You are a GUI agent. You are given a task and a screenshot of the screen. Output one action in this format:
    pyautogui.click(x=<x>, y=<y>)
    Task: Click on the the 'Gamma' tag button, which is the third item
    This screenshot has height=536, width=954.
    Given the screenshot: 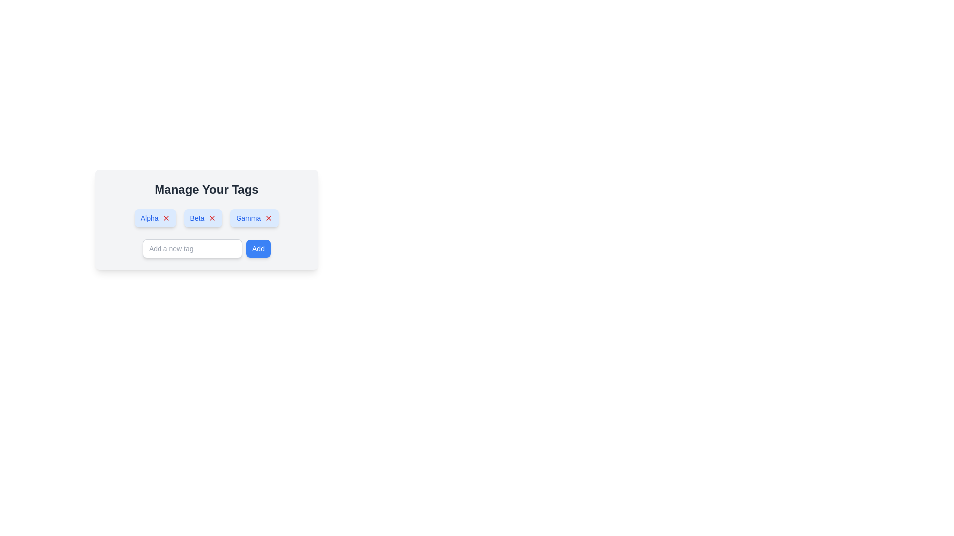 What is the action you would take?
    pyautogui.click(x=254, y=217)
    